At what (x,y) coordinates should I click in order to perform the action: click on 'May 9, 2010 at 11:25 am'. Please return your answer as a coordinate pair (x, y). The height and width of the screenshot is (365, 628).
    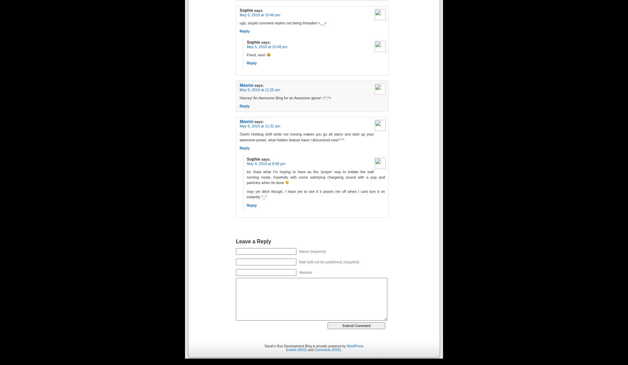
    Looking at the image, I should click on (260, 89).